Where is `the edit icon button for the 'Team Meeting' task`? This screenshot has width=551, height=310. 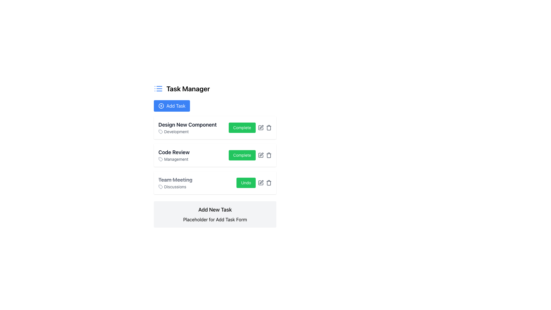
the edit icon button for the 'Team Meeting' task is located at coordinates (260, 183).